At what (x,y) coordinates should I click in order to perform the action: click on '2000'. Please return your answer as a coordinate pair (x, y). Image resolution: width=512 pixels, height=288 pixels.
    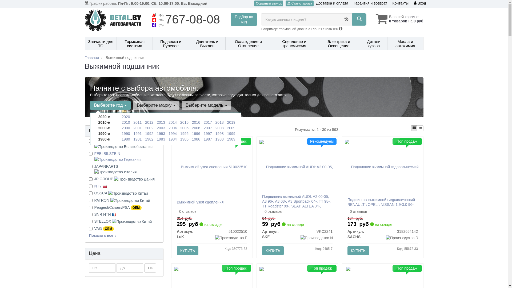
    Looking at the image, I should click on (125, 128).